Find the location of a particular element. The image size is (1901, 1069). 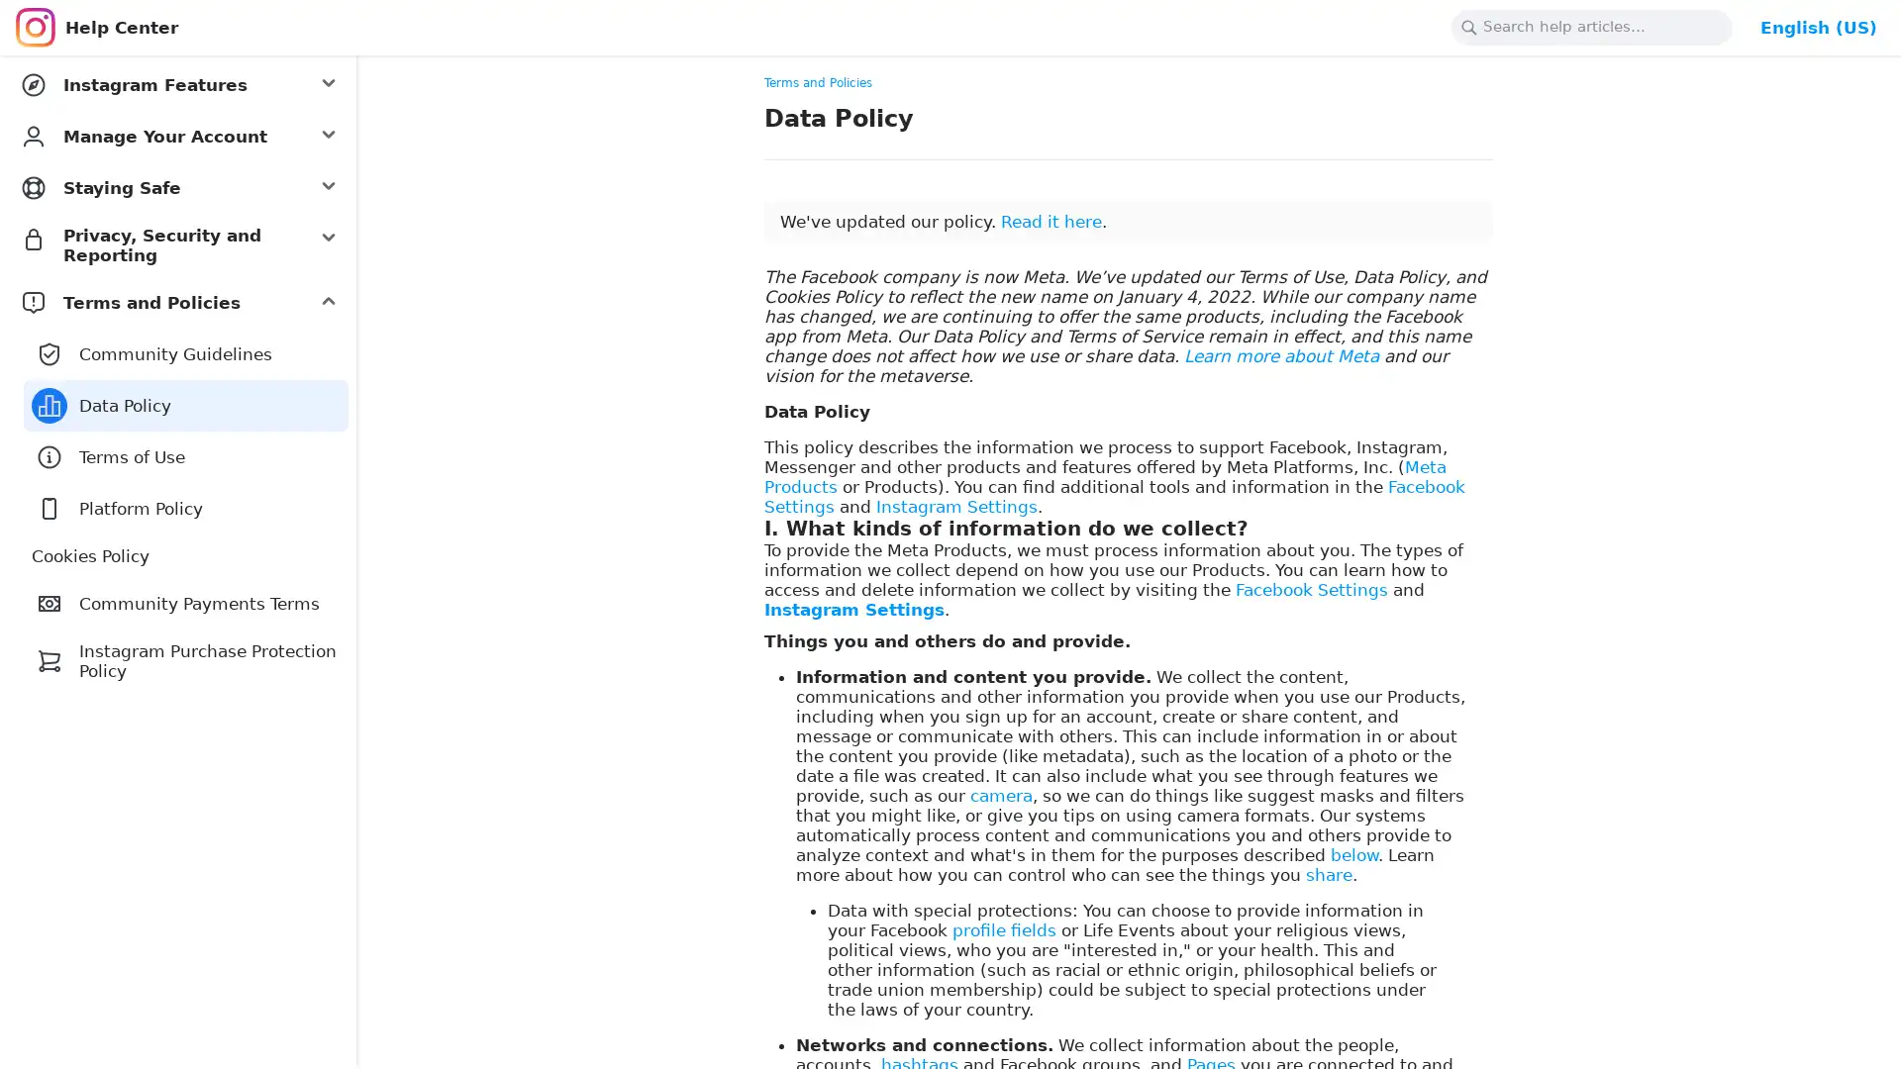

No is located at coordinates (1757, 972).